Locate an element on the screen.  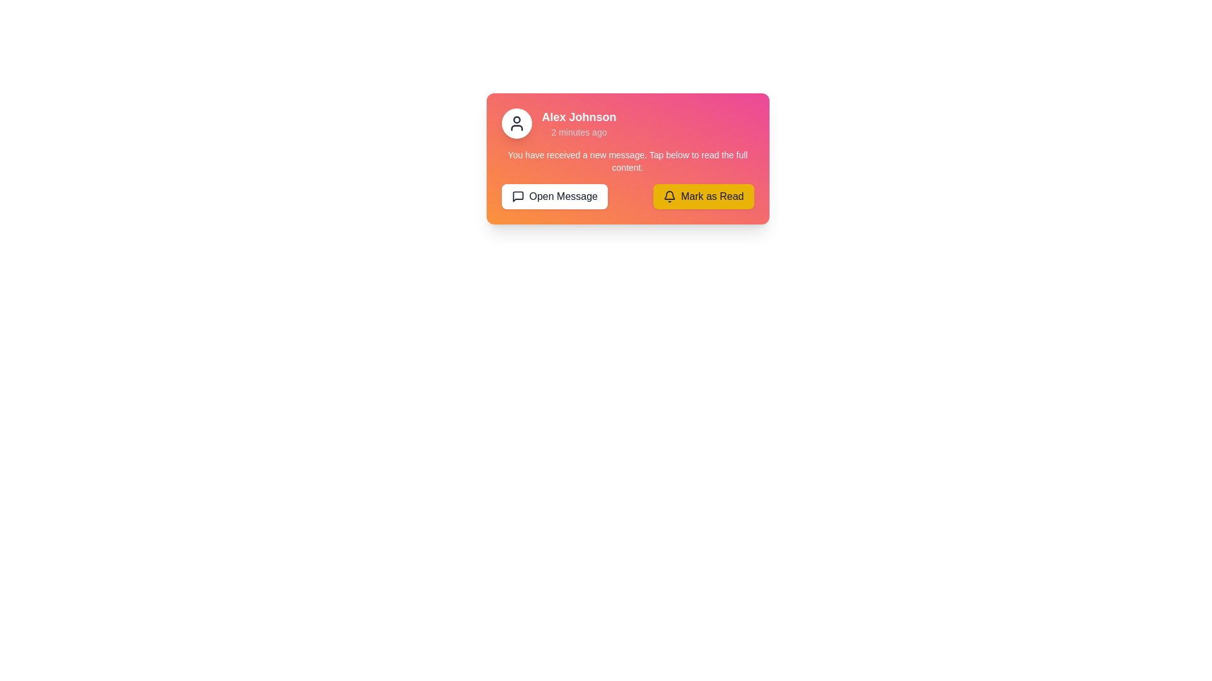
the timestamp text label that indicates when the message or notification was posted or received, positioned below the 'Alex Johnson' label within the notification card is located at coordinates (578, 132).